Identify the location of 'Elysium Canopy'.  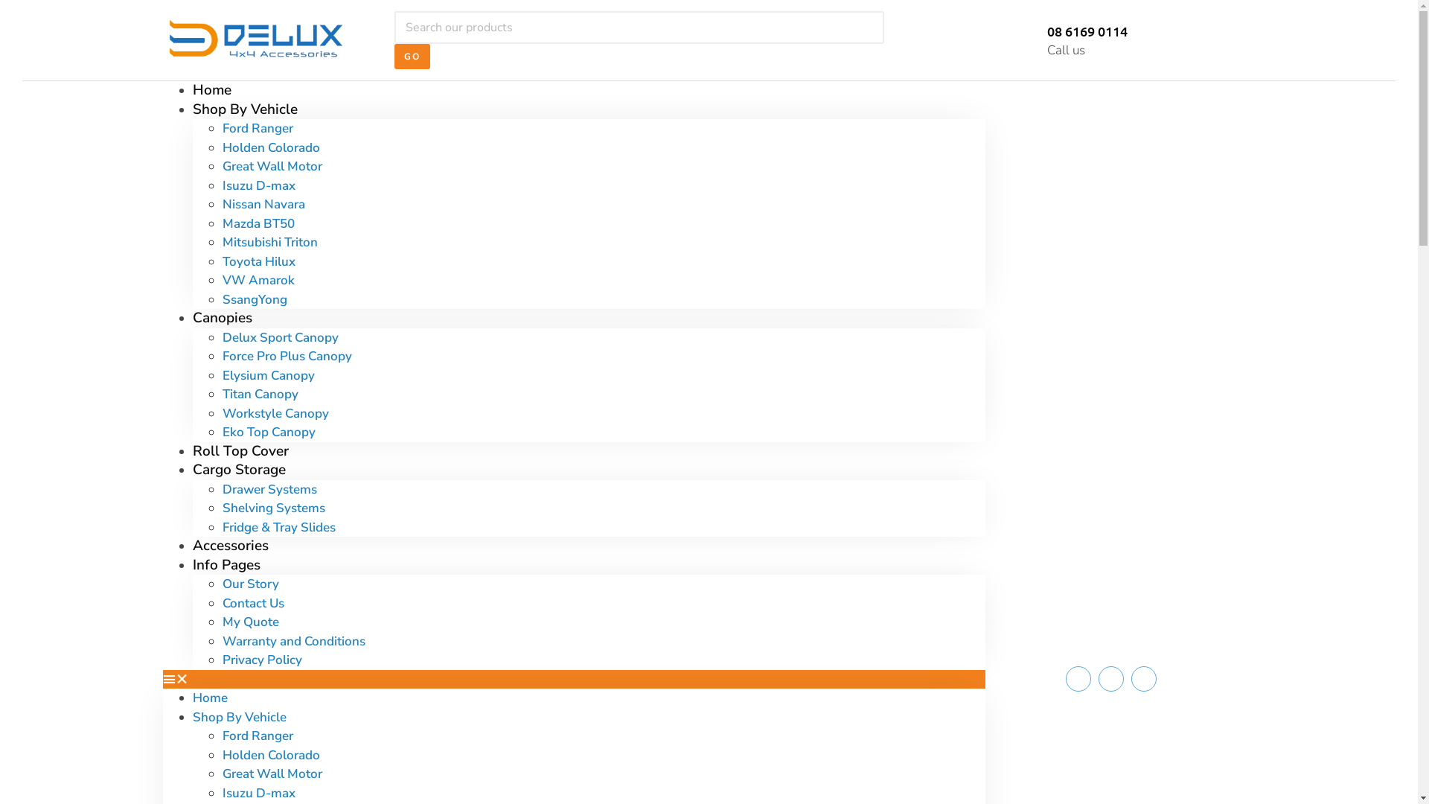
(268, 374).